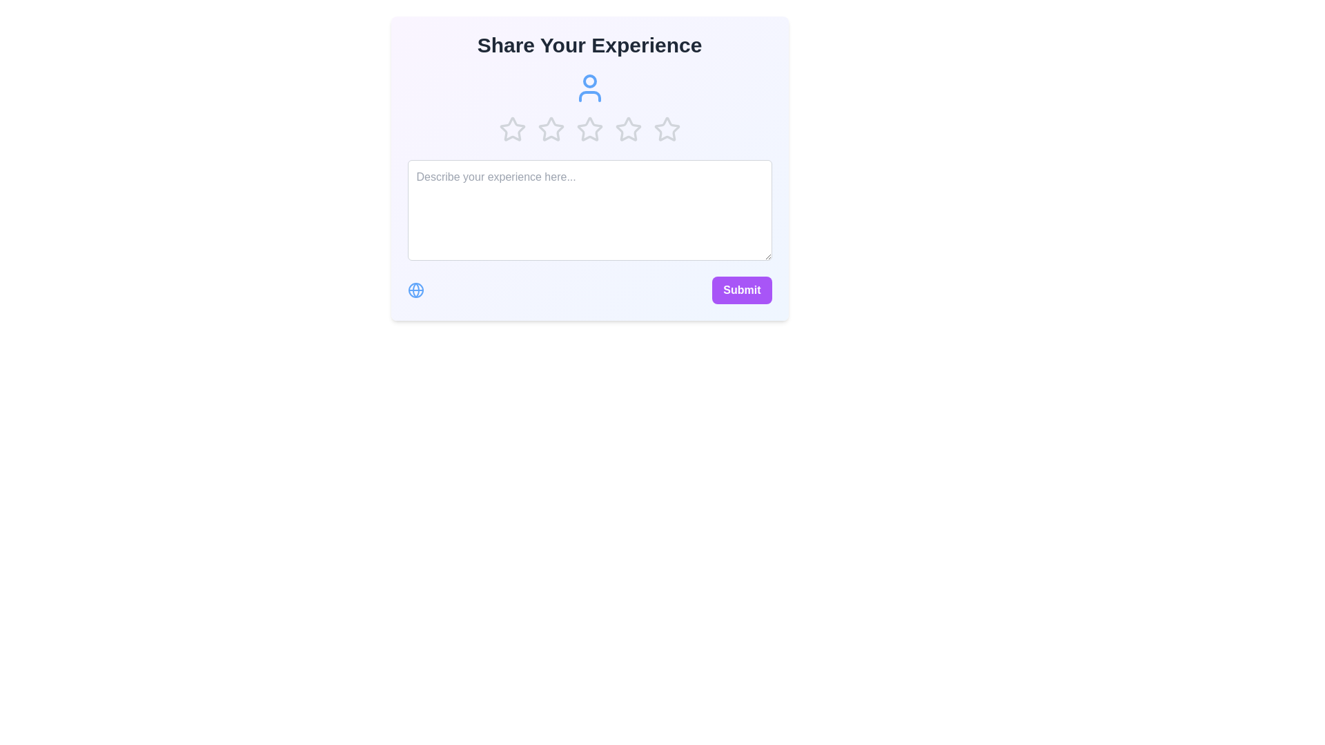 The height and width of the screenshot is (745, 1325). What do you see at coordinates (589, 130) in the screenshot?
I see `the third interactive rating star icon, which is part of a horizontal arrangement of five stars under the 'Share Your Experience' title, to trigger its visual change` at bounding box center [589, 130].